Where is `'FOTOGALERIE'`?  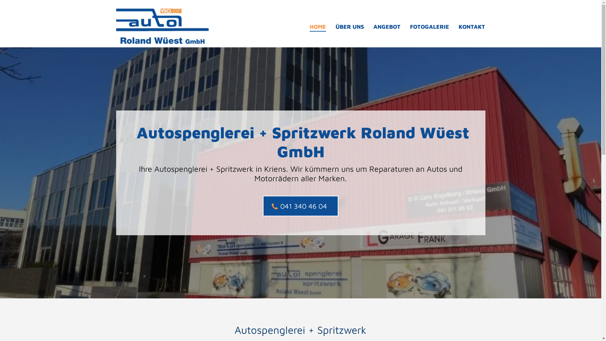 'FOTOGALERIE' is located at coordinates (410, 25).